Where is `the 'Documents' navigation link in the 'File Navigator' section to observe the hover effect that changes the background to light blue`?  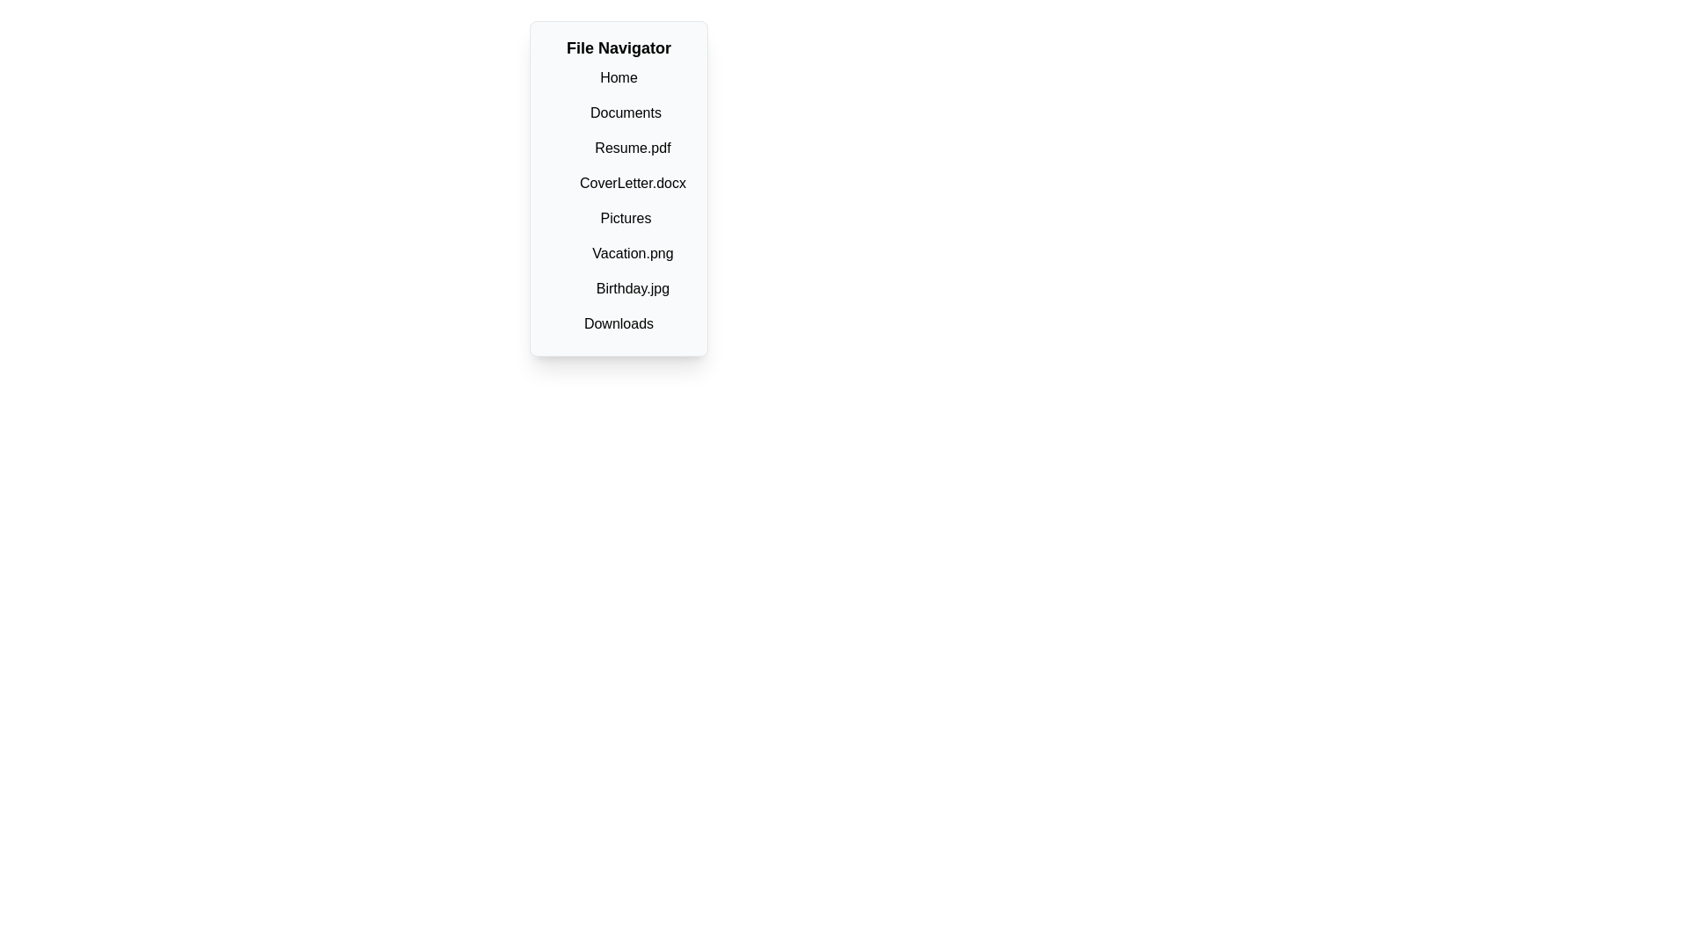 the 'Documents' navigation link in the 'File Navigator' section to observe the hover effect that changes the background to light blue is located at coordinates (626, 112).